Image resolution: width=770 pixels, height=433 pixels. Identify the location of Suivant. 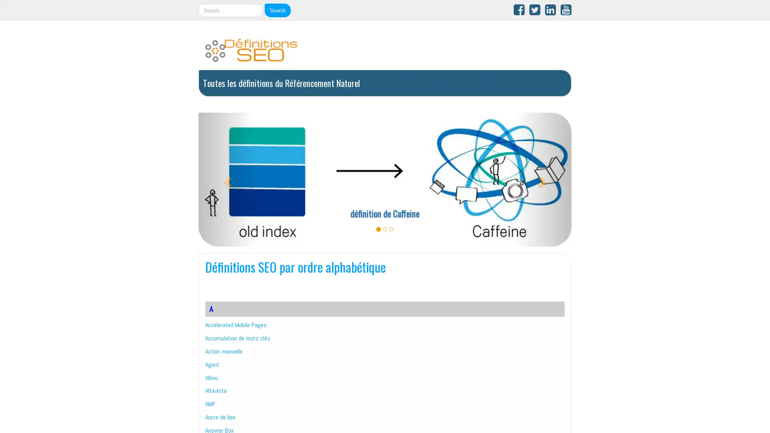
(543, 179).